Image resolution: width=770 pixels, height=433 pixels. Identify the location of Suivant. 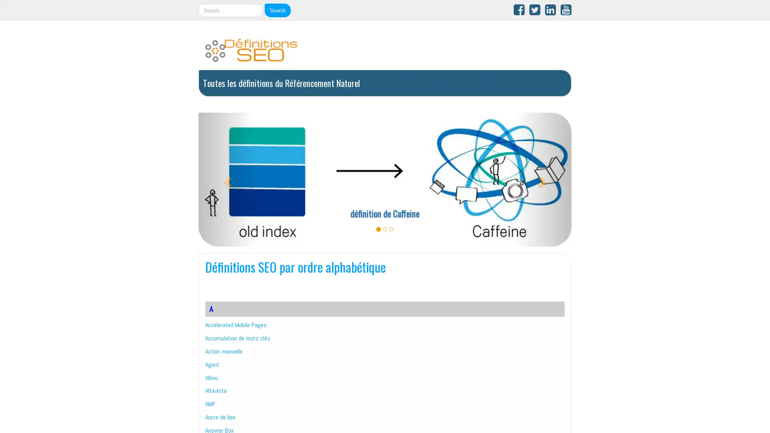
(543, 179).